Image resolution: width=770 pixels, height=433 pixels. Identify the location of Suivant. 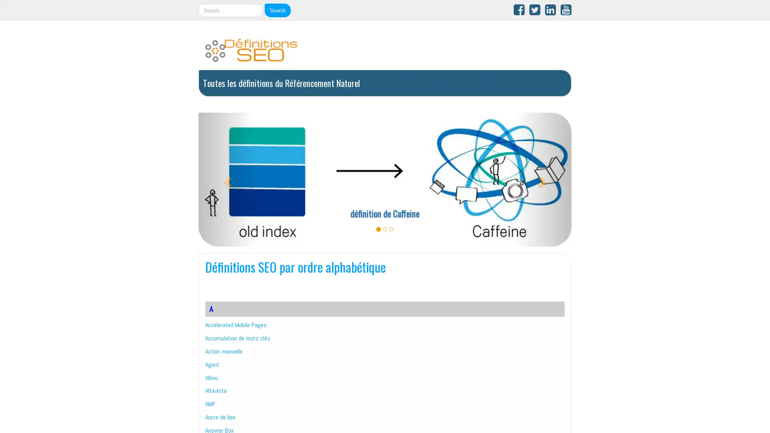
(543, 179).